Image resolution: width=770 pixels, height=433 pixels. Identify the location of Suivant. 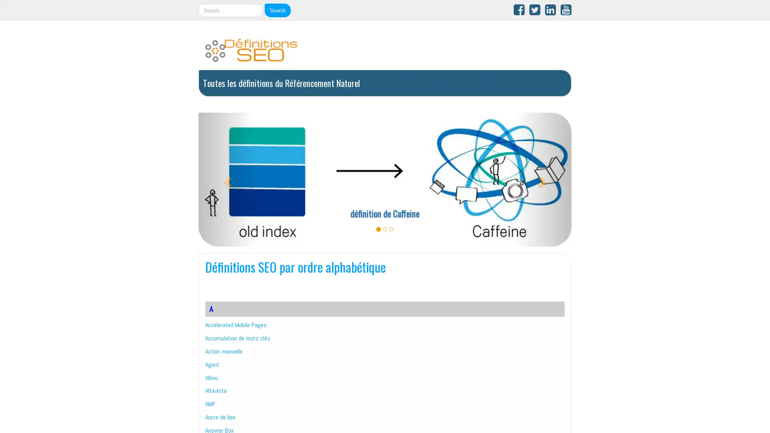
(543, 179).